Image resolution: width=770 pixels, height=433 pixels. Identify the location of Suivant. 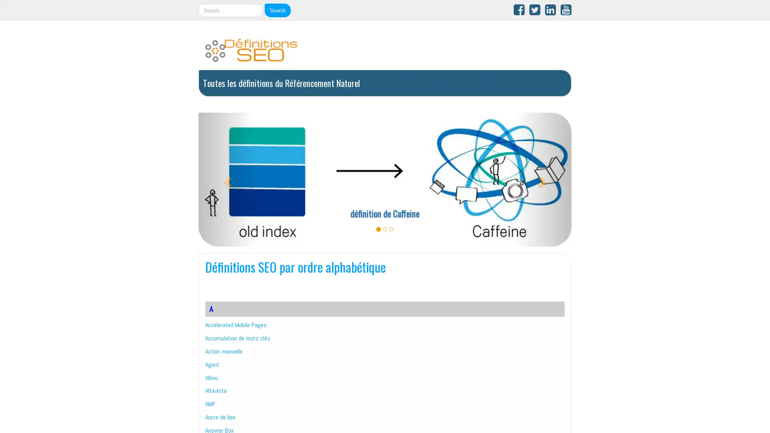
(543, 179).